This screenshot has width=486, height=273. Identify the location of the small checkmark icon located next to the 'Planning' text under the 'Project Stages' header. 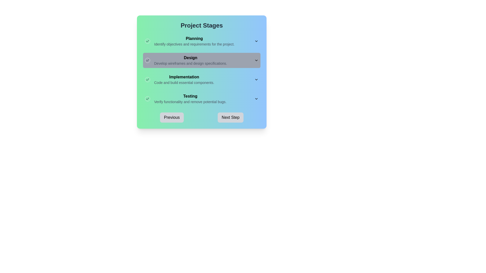
(147, 41).